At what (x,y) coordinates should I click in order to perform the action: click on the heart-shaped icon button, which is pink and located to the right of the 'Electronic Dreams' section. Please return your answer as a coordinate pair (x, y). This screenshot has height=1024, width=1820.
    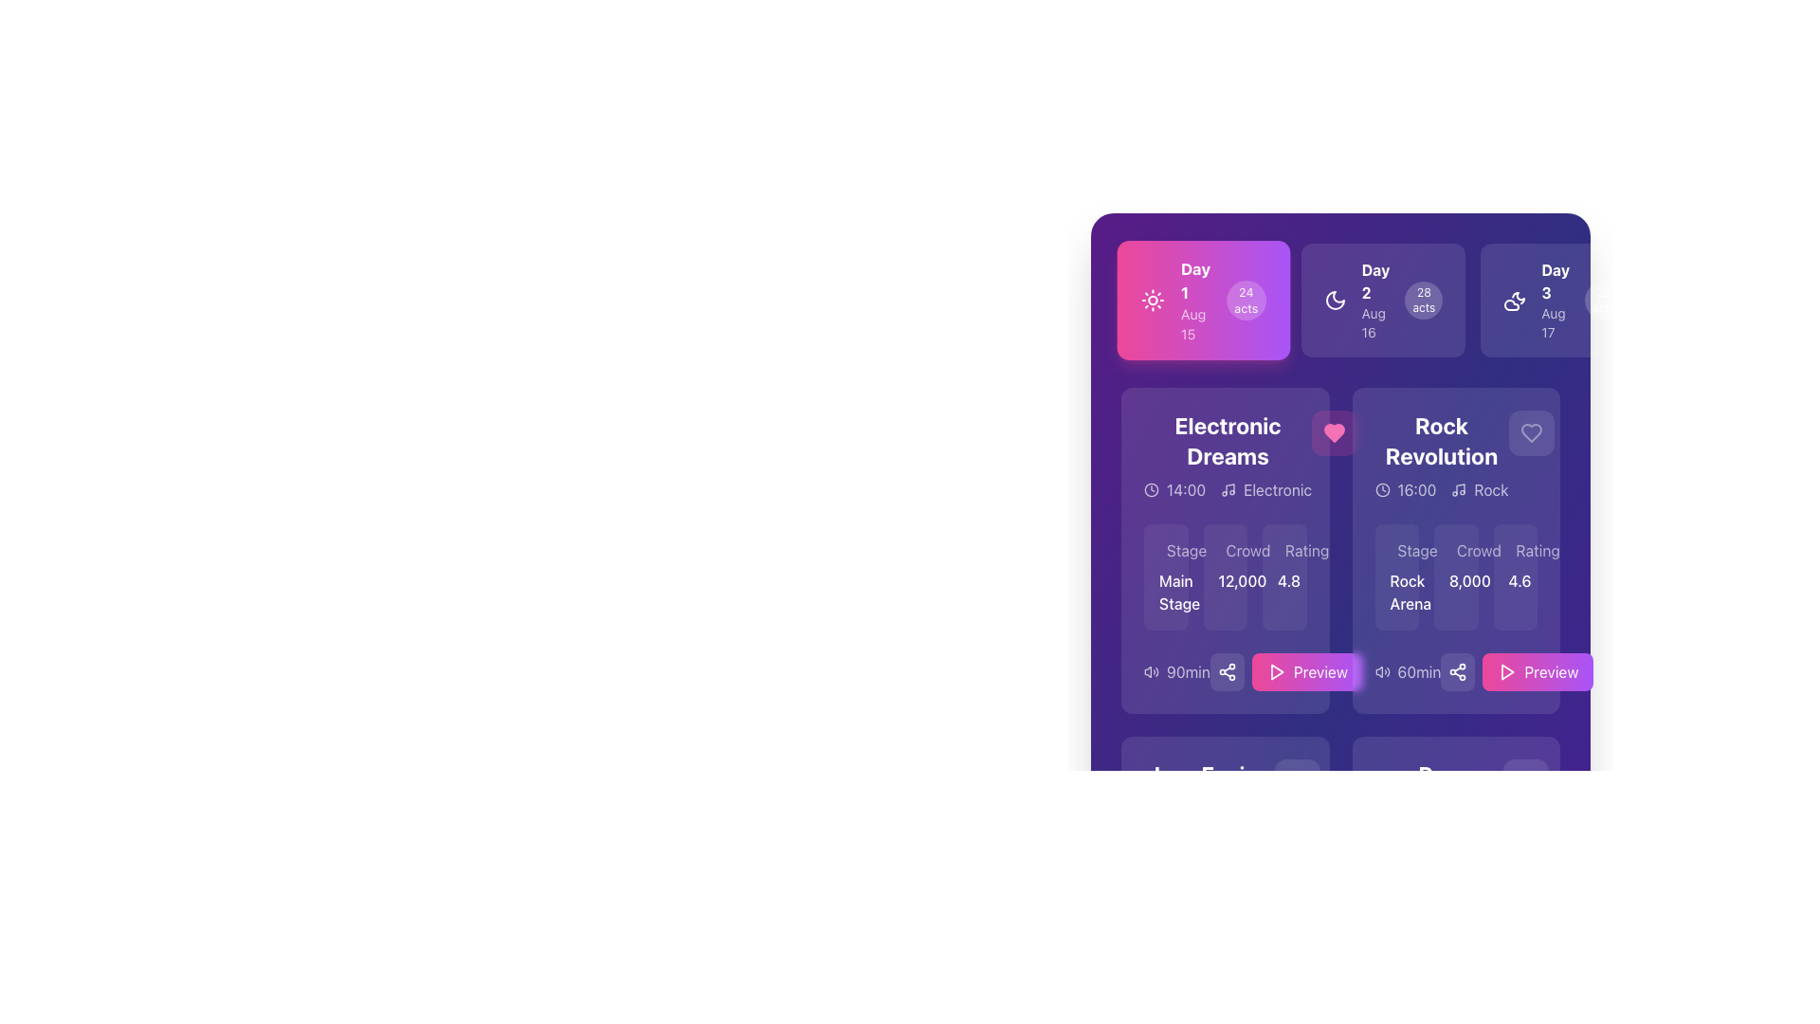
    Looking at the image, I should click on (1334, 432).